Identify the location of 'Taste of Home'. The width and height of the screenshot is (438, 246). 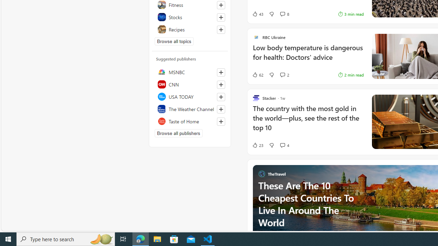
(190, 121).